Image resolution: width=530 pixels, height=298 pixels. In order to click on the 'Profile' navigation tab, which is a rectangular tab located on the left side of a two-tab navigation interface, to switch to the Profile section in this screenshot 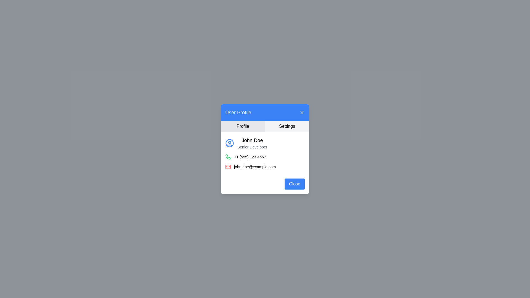, I will do `click(243, 126)`.